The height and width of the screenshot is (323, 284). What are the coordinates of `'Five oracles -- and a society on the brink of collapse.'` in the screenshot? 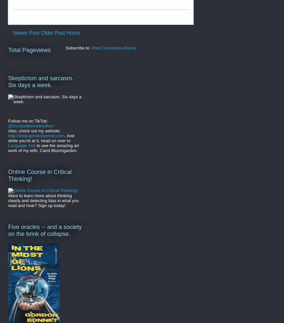 It's located at (45, 230).